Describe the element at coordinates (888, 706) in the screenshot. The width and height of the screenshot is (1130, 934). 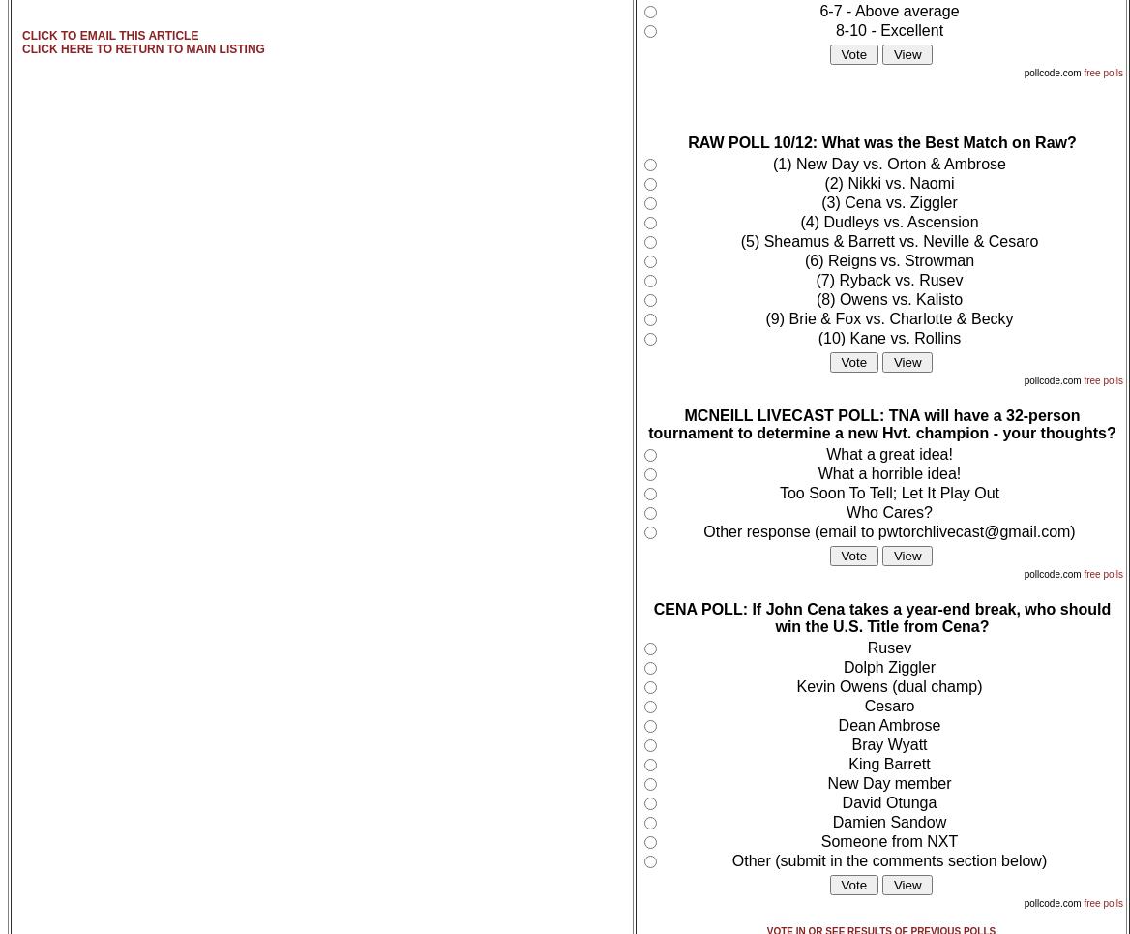
I see `'Cesaro'` at that location.